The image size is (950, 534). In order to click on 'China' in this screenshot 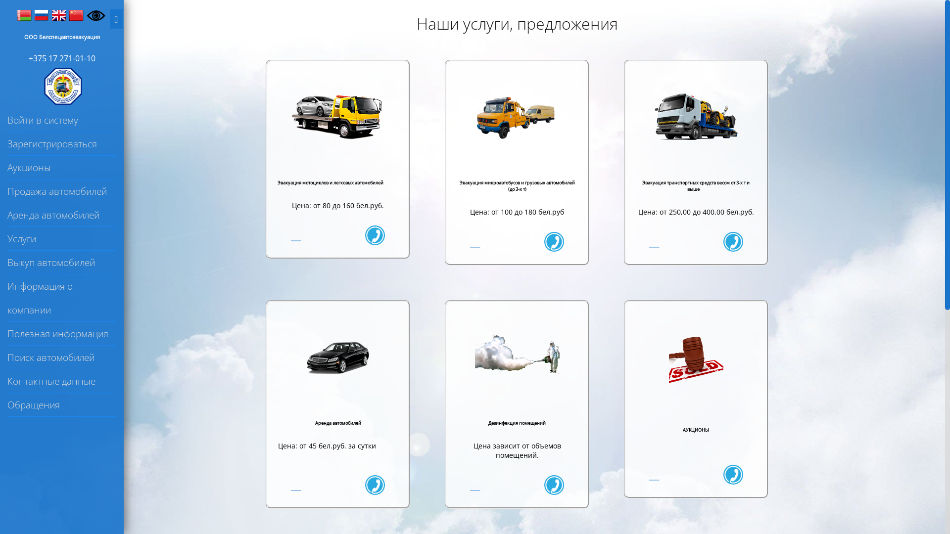, I will do `click(76, 15)`.